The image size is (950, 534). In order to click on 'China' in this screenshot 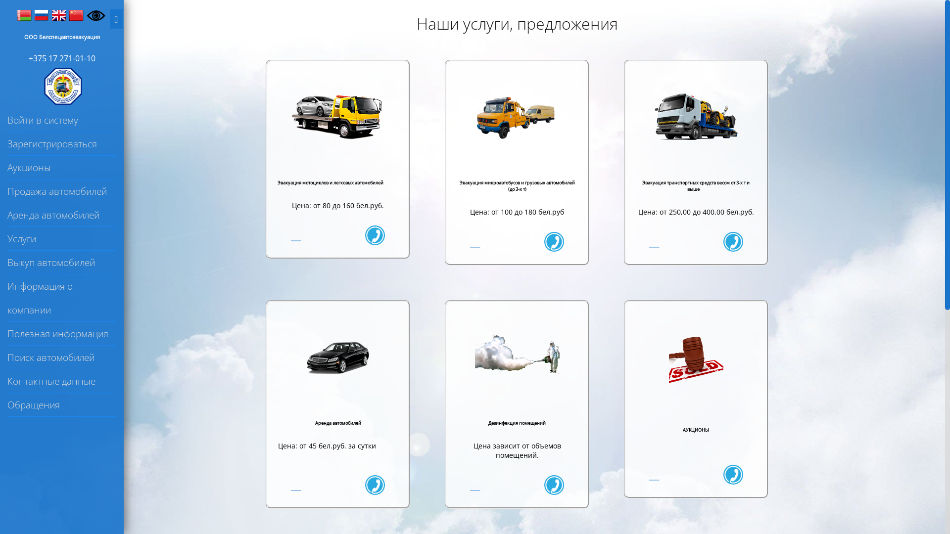, I will do `click(76, 15)`.